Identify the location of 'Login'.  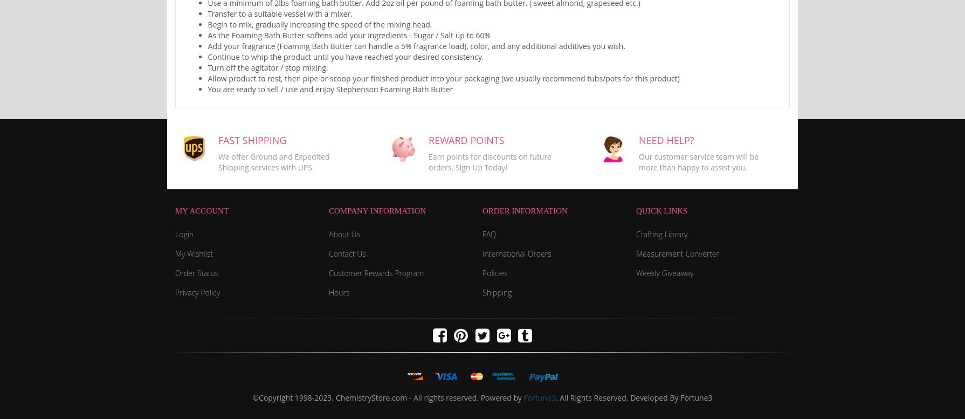
(184, 233).